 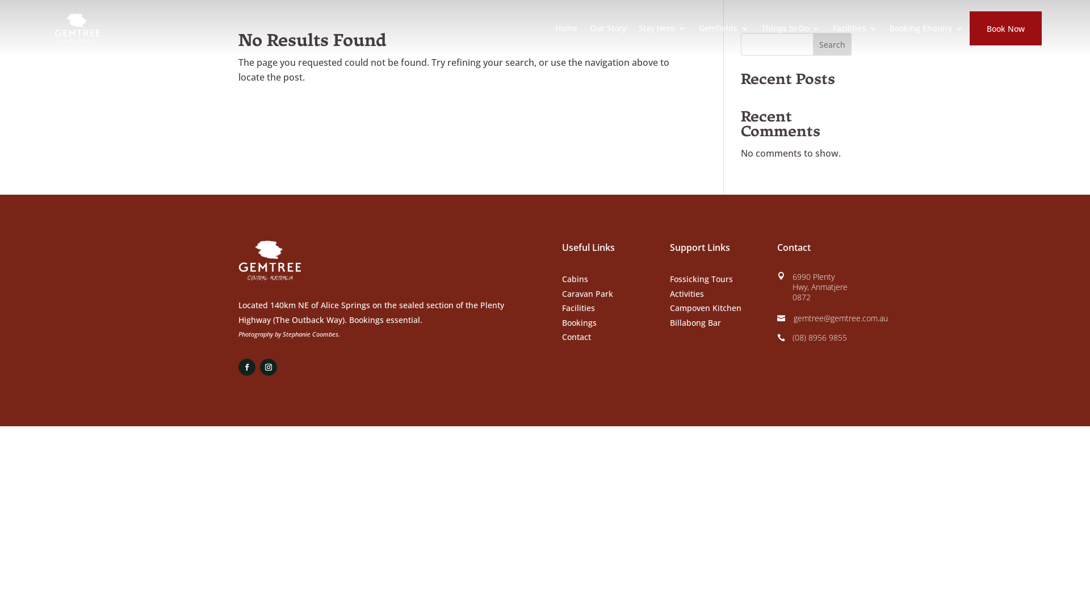 I want to click on 'Activities', so click(x=686, y=293).